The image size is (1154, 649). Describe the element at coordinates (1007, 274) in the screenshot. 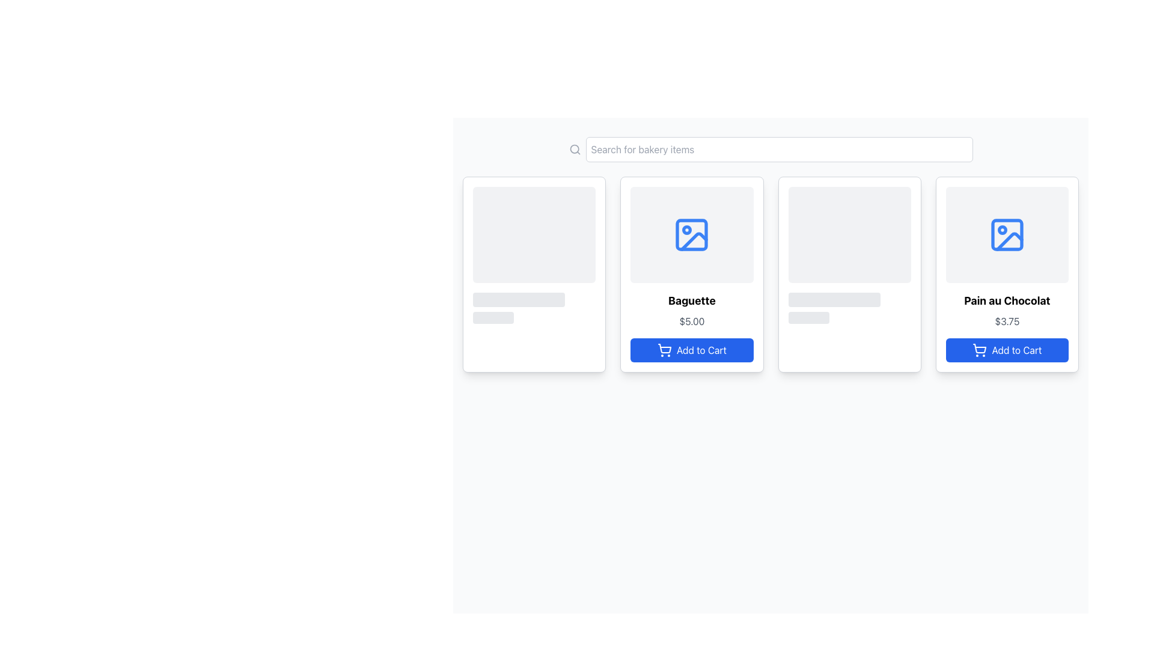

I see `product details from the 'Pain au Chocolat' card, which is the fourth item in the rightmost column of the responsive grid layout` at that location.